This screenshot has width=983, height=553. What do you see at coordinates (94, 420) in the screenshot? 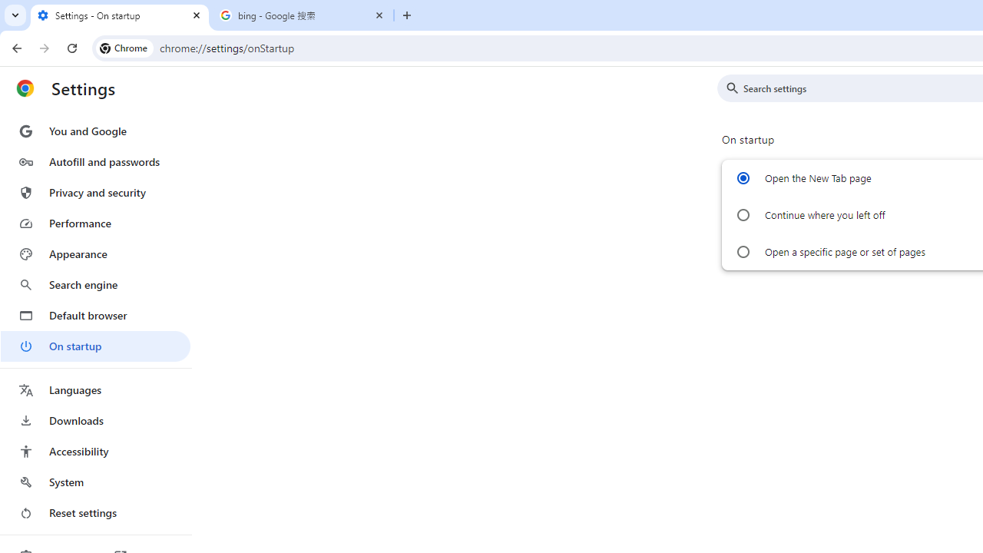
I see `'Downloads'` at bounding box center [94, 420].